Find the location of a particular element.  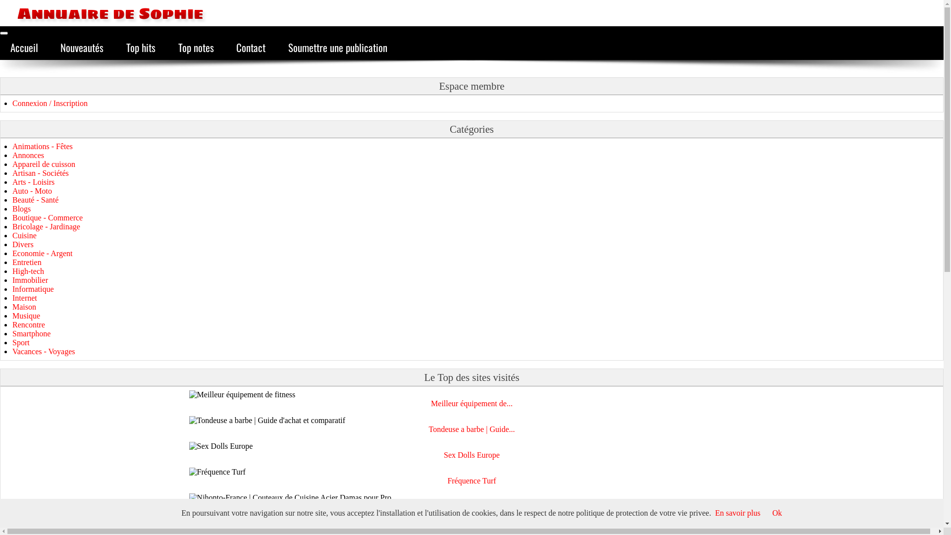

'Entretien' is located at coordinates (27, 262).